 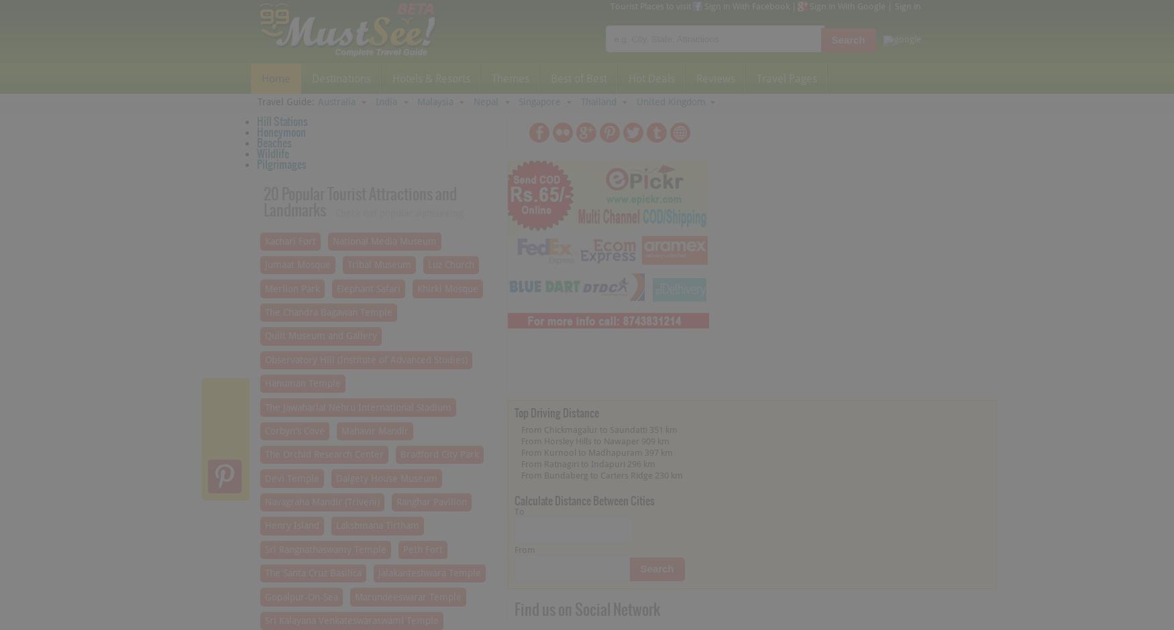 I want to click on 'Search', so click(x=639, y=568).